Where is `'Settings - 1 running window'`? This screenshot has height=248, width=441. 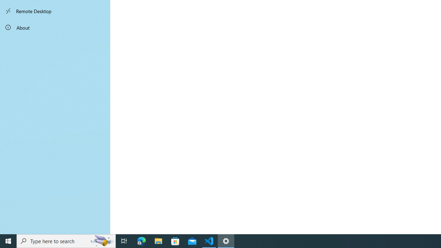
'Settings - 1 running window' is located at coordinates (226, 240).